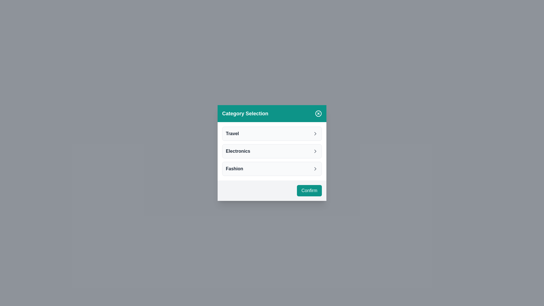 The height and width of the screenshot is (306, 544). I want to click on the category labeled Electronics to expand it, so click(272, 151).